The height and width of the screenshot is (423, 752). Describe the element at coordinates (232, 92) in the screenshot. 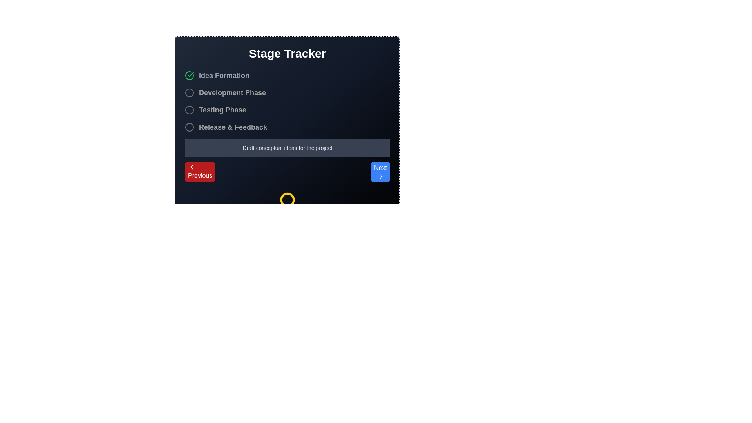

I see `the adjacent elements to select the 'Phase 2' text label, which is centrally aligned in the vertical list and positioned between 'Idea Formation' and 'Testing Phase'` at that location.